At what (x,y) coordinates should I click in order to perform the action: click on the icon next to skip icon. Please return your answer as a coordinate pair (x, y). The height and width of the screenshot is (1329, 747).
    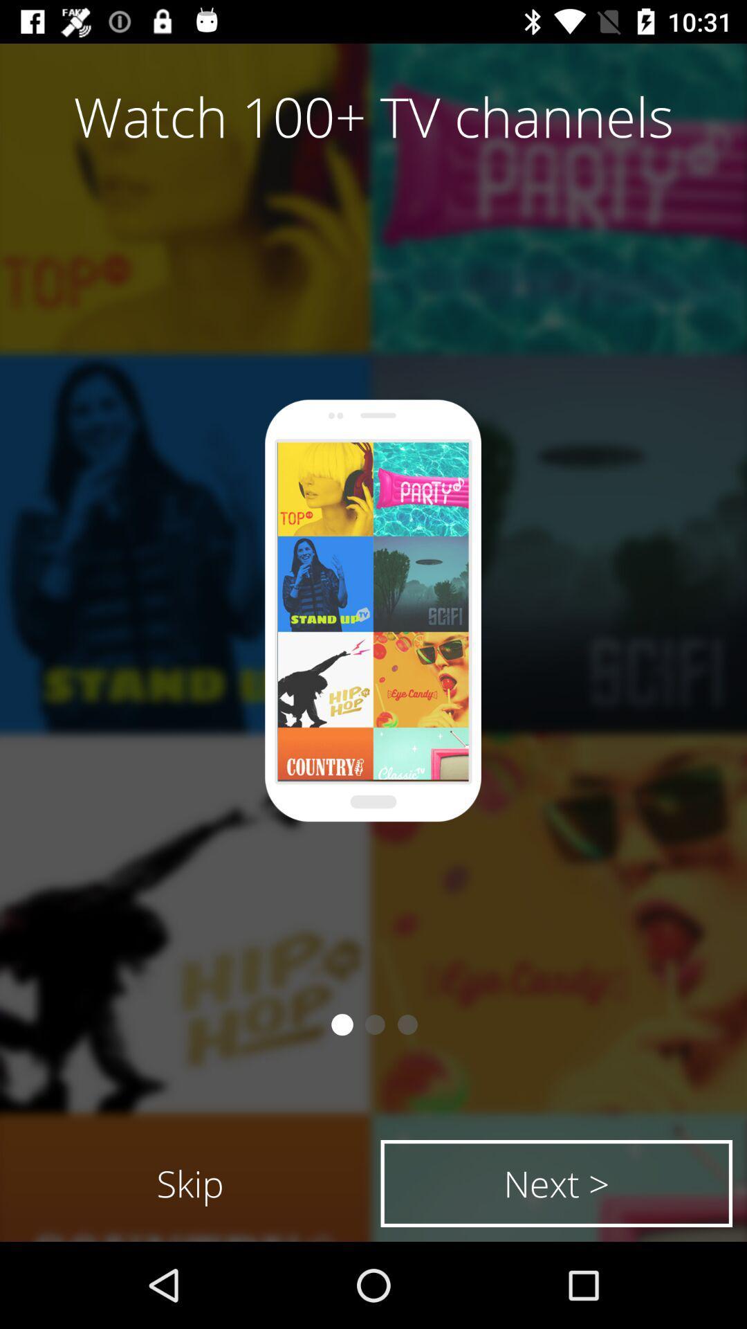
    Looking at the image, I should click on (555, 1182).